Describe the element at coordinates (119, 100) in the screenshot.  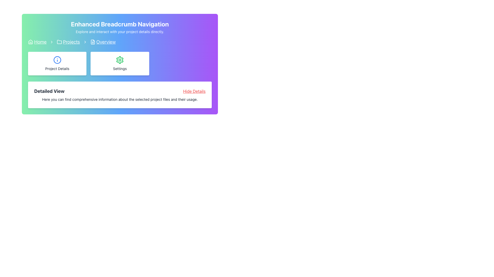
I see `the static text field located below the 'Detailed View' header and next to the 'Hide Details' link, which is styled in a smaller font within a white box` at that location.